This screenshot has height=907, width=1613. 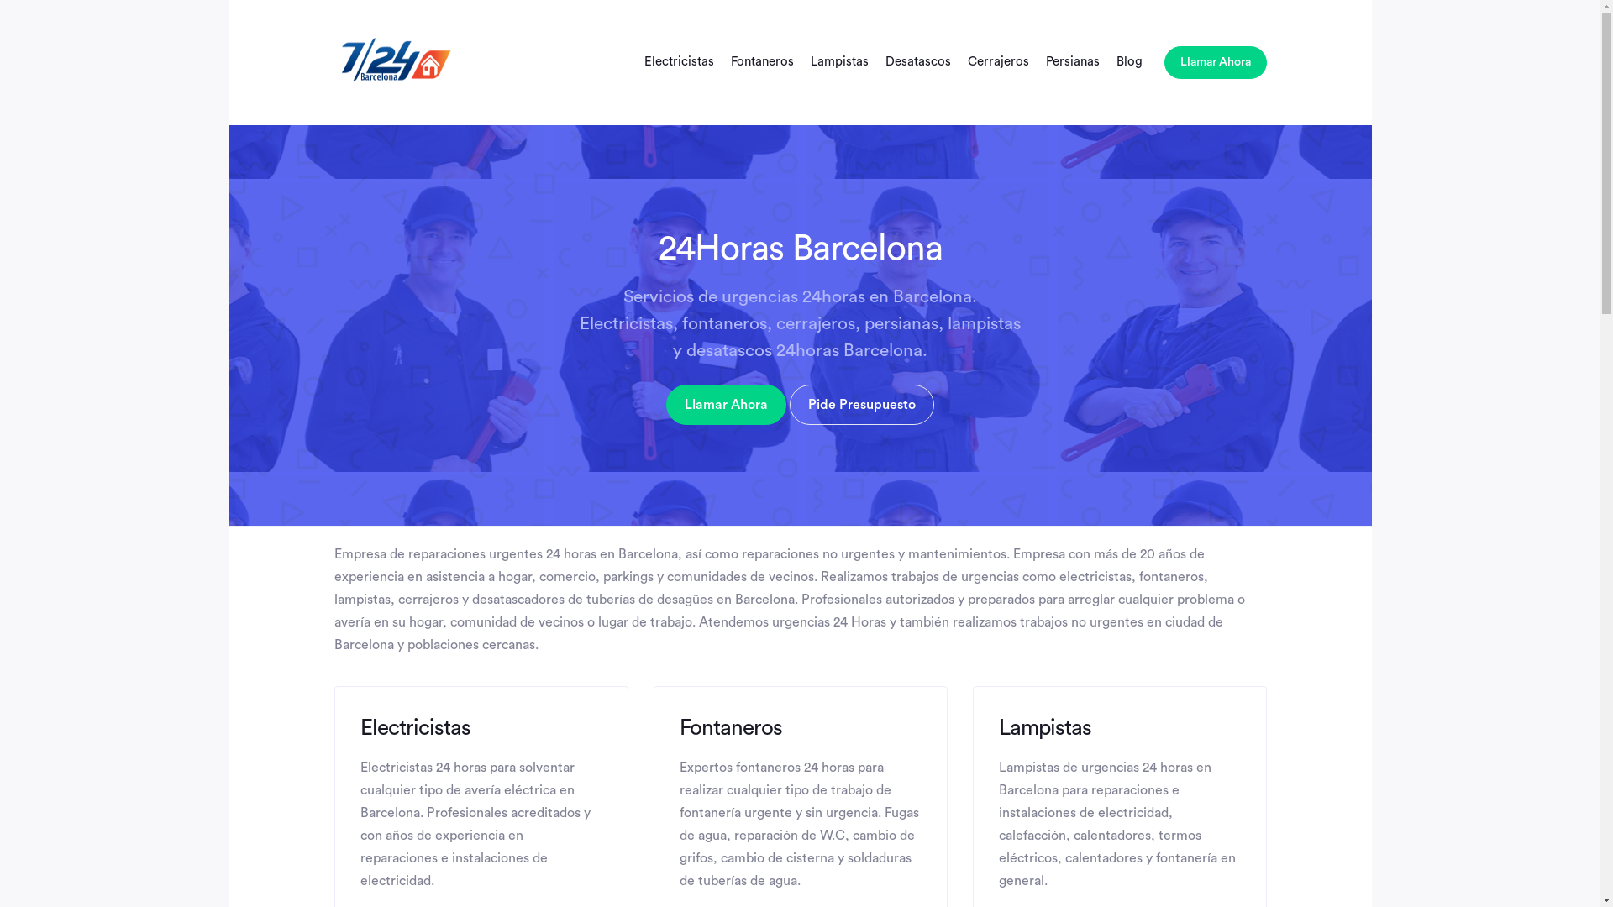 I want to click on 'Blog', so click(x=1128, y=61).